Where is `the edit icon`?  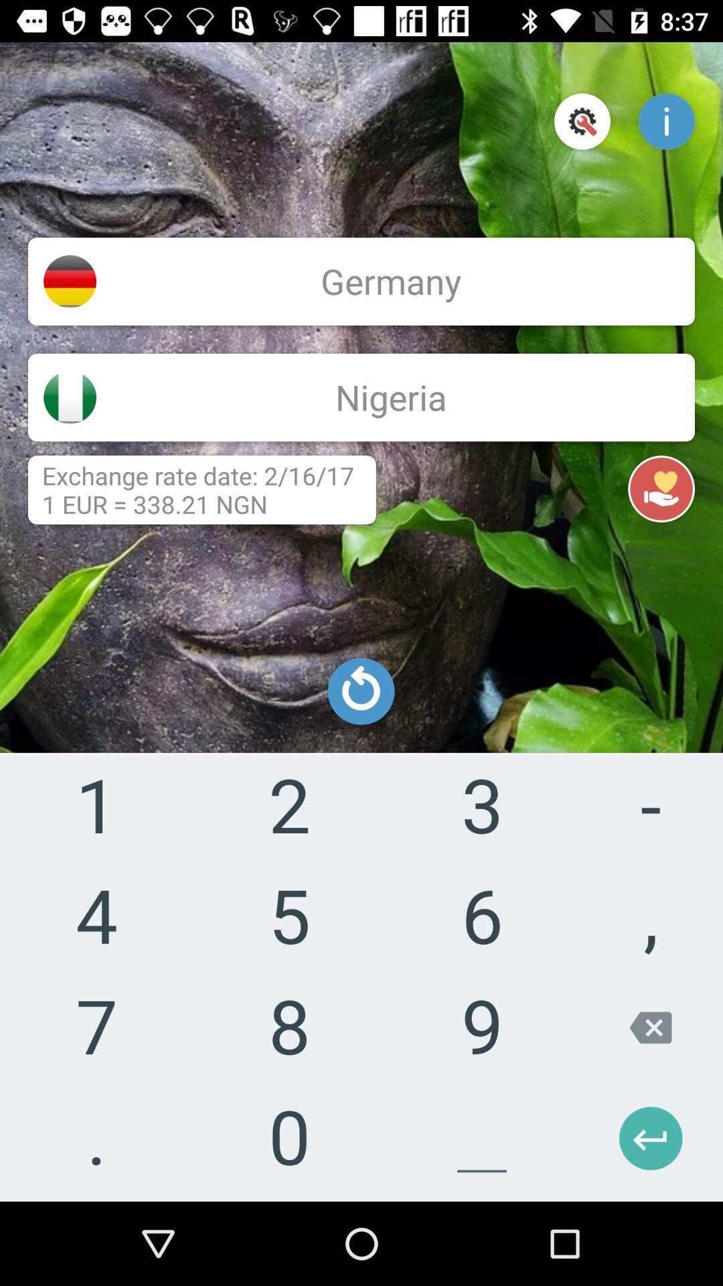 the edit icon is located at coordinates (70, 621).